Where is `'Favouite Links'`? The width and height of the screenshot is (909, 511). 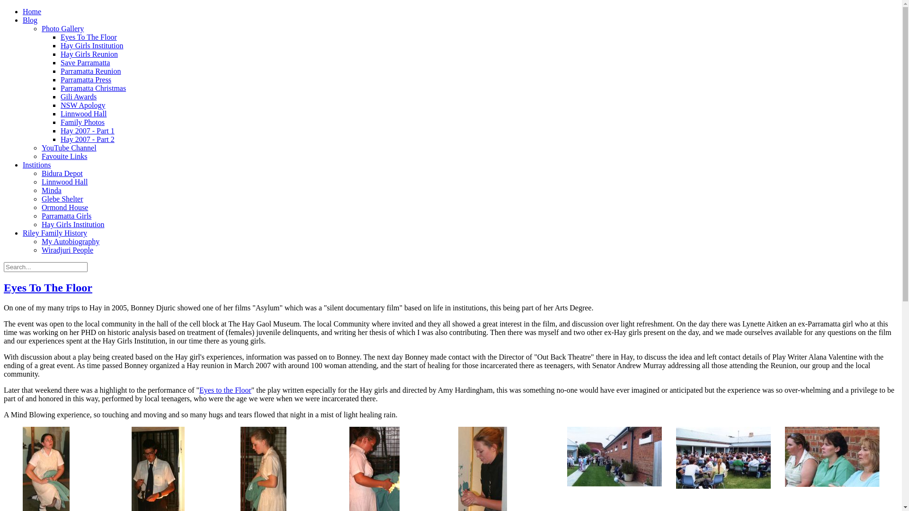 'Favouite Links' is located at coordinates (63, 156).